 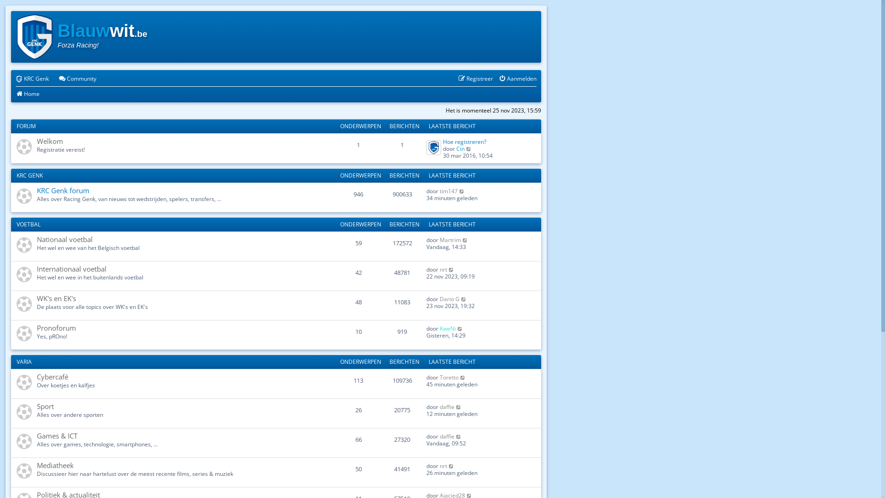 What do you see at coordinates (448, 190) in the screenshot?
I see `'tim147'` at bounding box center [448, 190].